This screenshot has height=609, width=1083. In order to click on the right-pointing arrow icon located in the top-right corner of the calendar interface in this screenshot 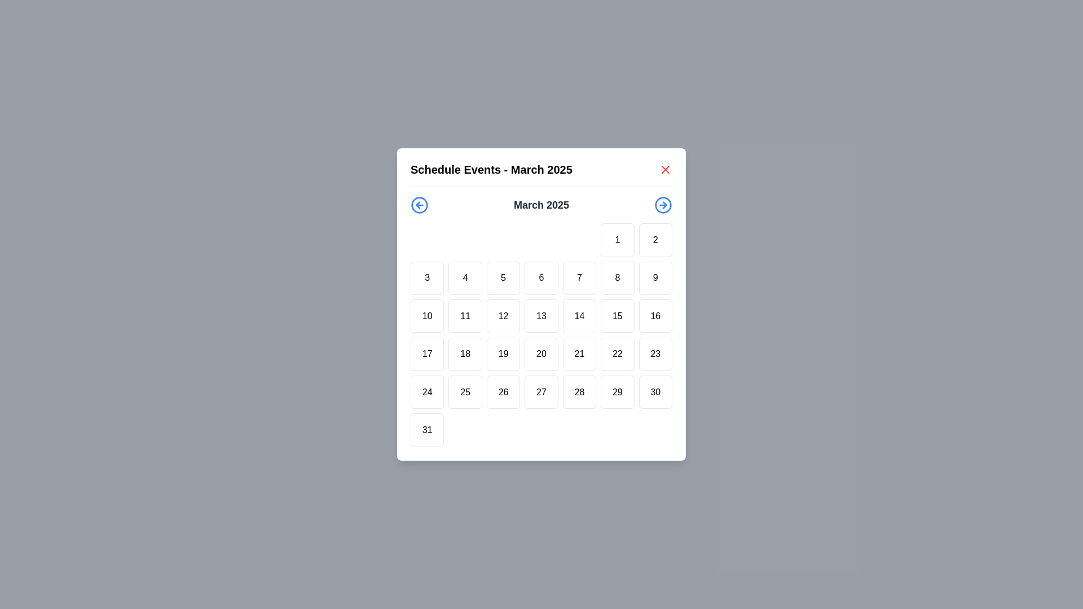, I will do `click(664, 205)`.